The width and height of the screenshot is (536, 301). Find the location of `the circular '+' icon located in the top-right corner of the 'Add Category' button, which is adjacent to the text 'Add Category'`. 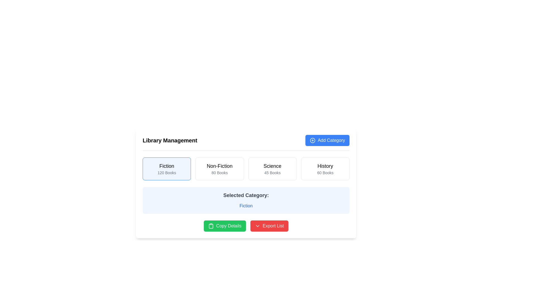

the circular '+' icon located in the top-right corner of the 'Add Category' button, which is adjacent to the text 'Add Category' is located at coordinates (313, 140).